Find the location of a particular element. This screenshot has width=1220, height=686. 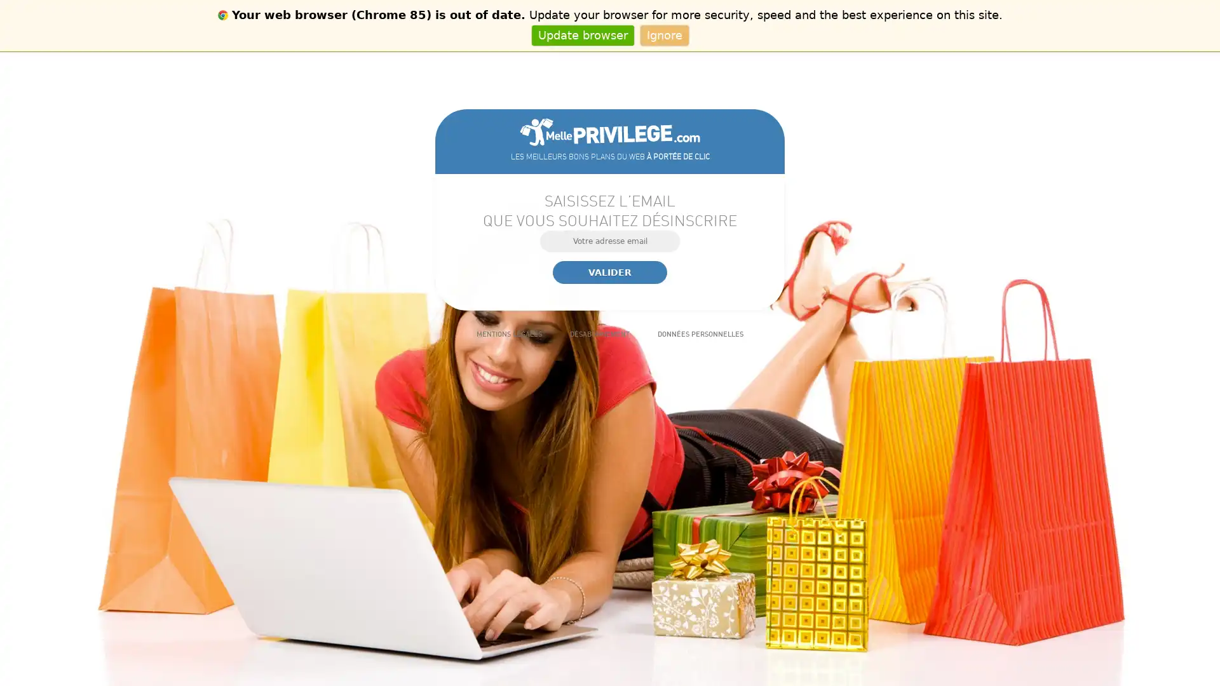

Valider is located at coordinates (610, 271).